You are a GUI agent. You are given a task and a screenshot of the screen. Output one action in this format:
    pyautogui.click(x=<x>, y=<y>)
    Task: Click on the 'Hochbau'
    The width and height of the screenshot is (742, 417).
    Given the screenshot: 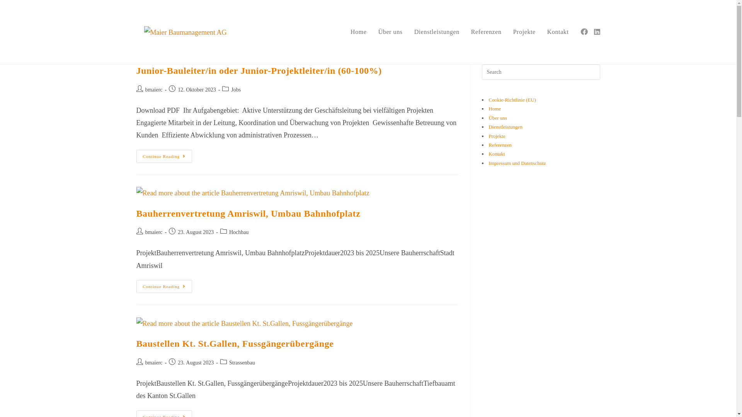 What is the action you would take?
    pyautogui.click(x=238, y=232)
    